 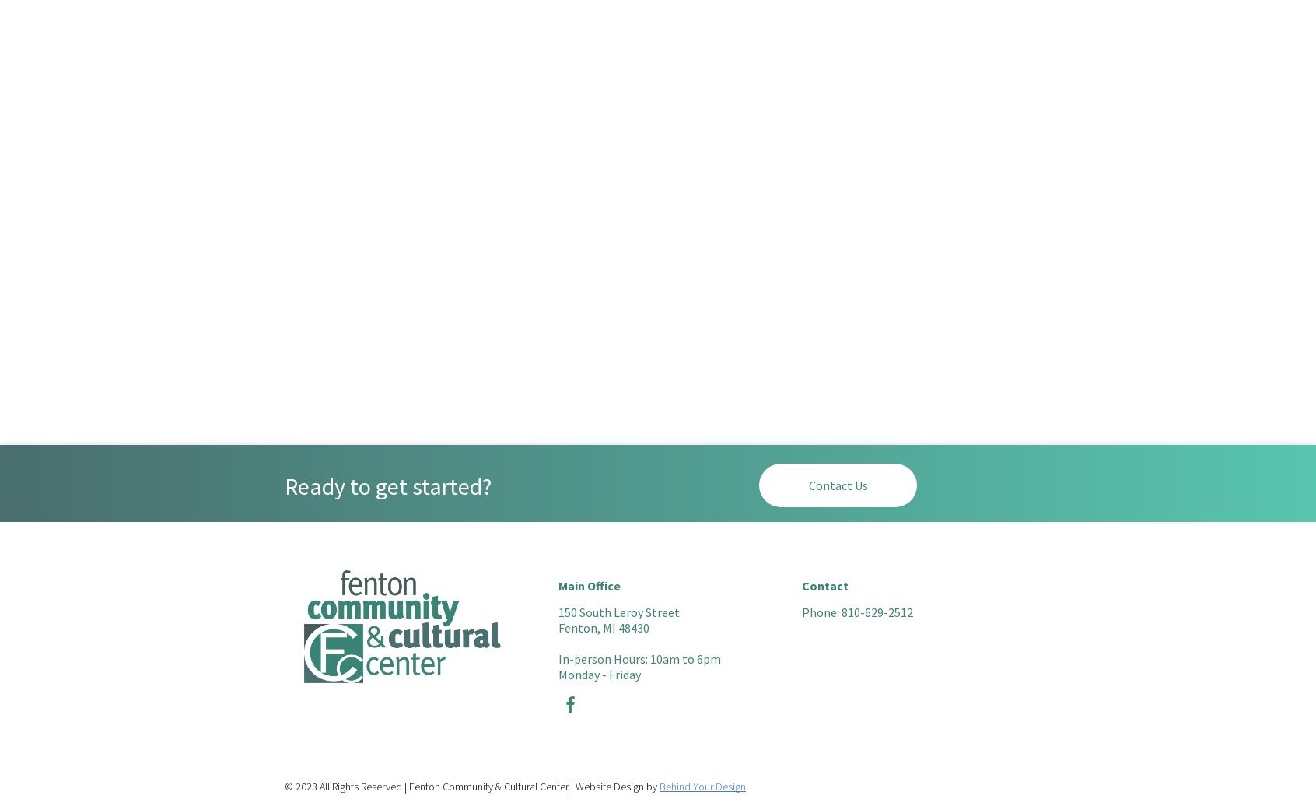 What do you see at coordinates (319, 787) in the screenshot?
I see `'All Rights Reserved | Fenton Community & Cultural Center | Website Design by'` at bounding box center [319, 787].